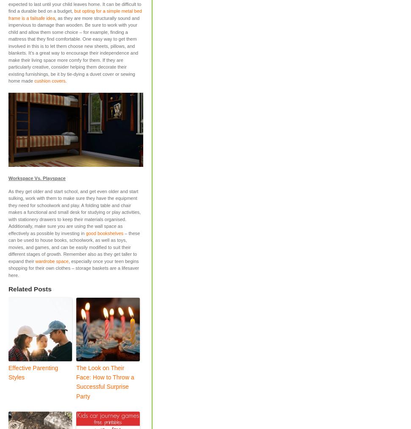 This screenshot has height=429, width=411. I want to click on 'good bookshelves', so click(104, 232).